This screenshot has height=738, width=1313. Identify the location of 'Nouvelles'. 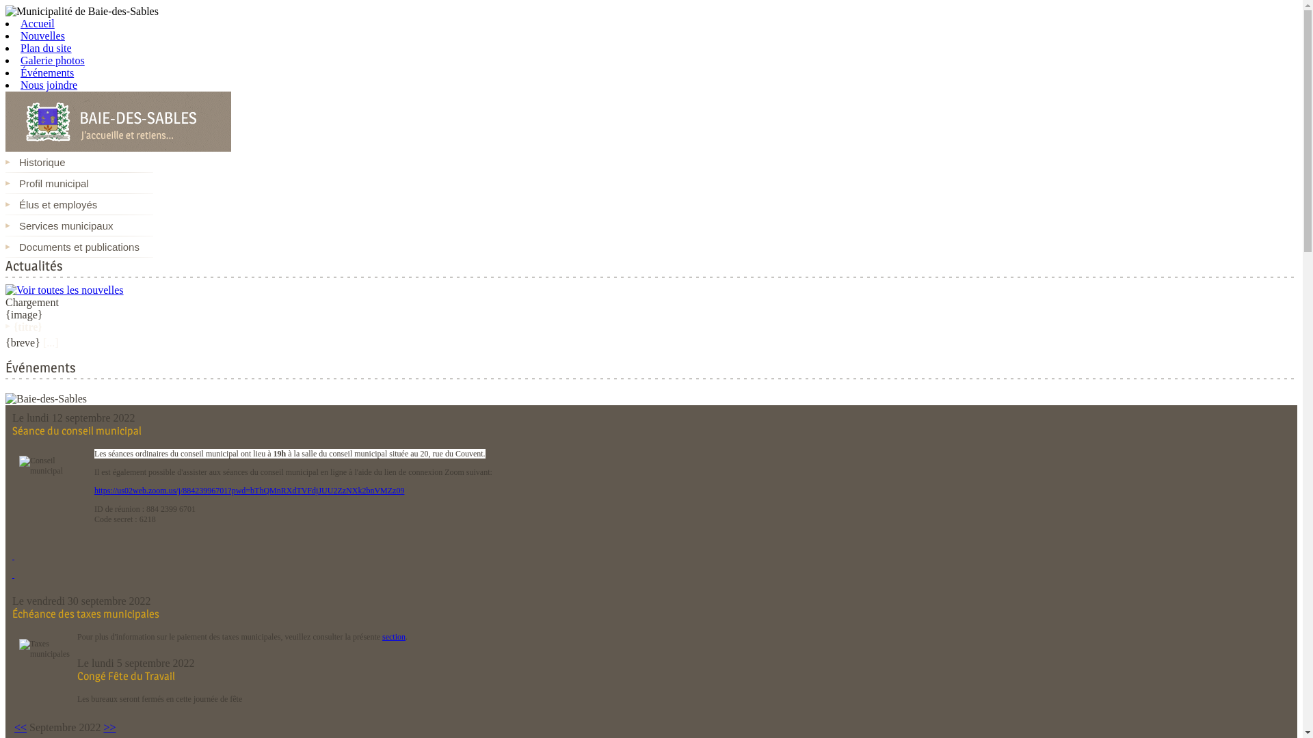
(20, 35).